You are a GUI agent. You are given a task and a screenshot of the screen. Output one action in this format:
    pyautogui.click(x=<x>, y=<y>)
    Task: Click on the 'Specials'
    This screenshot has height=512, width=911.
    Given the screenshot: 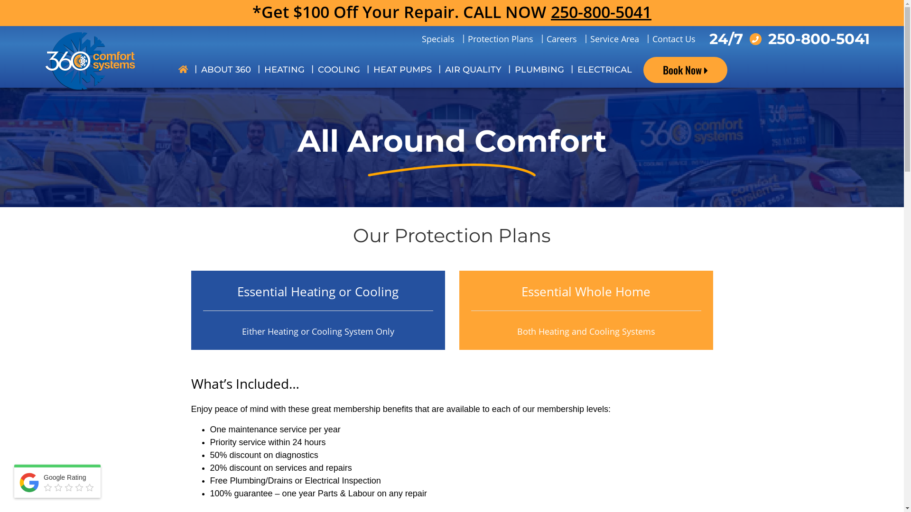 What is the action you would take?
    pyautogui.click(x=437, y=38)
    